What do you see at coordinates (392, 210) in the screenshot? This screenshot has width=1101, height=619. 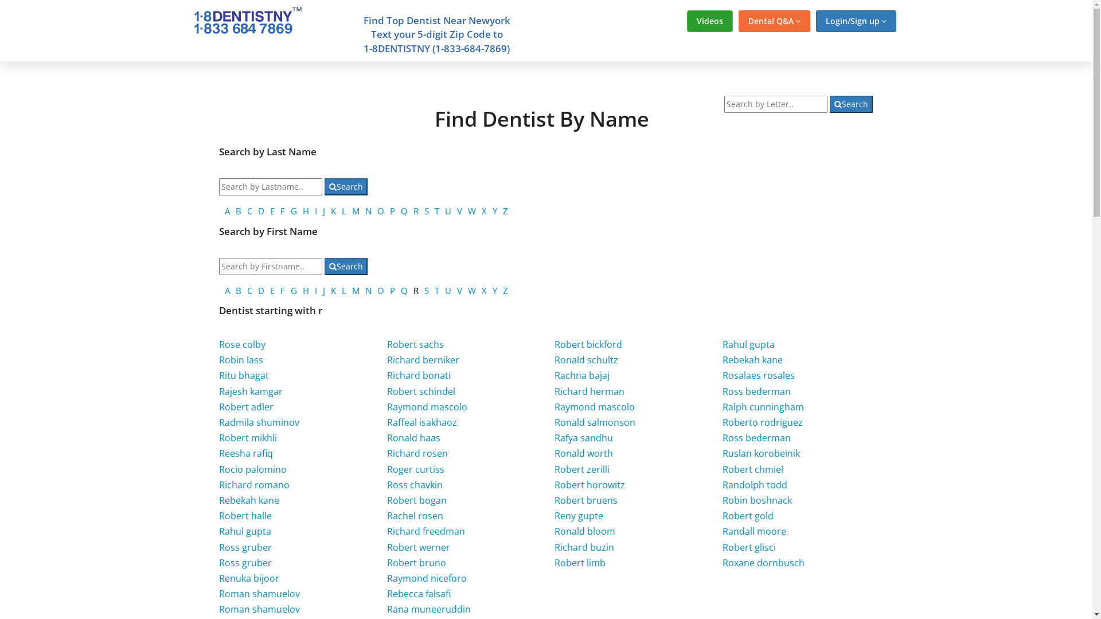 I see `'P'` at bounding box center [392, 210].